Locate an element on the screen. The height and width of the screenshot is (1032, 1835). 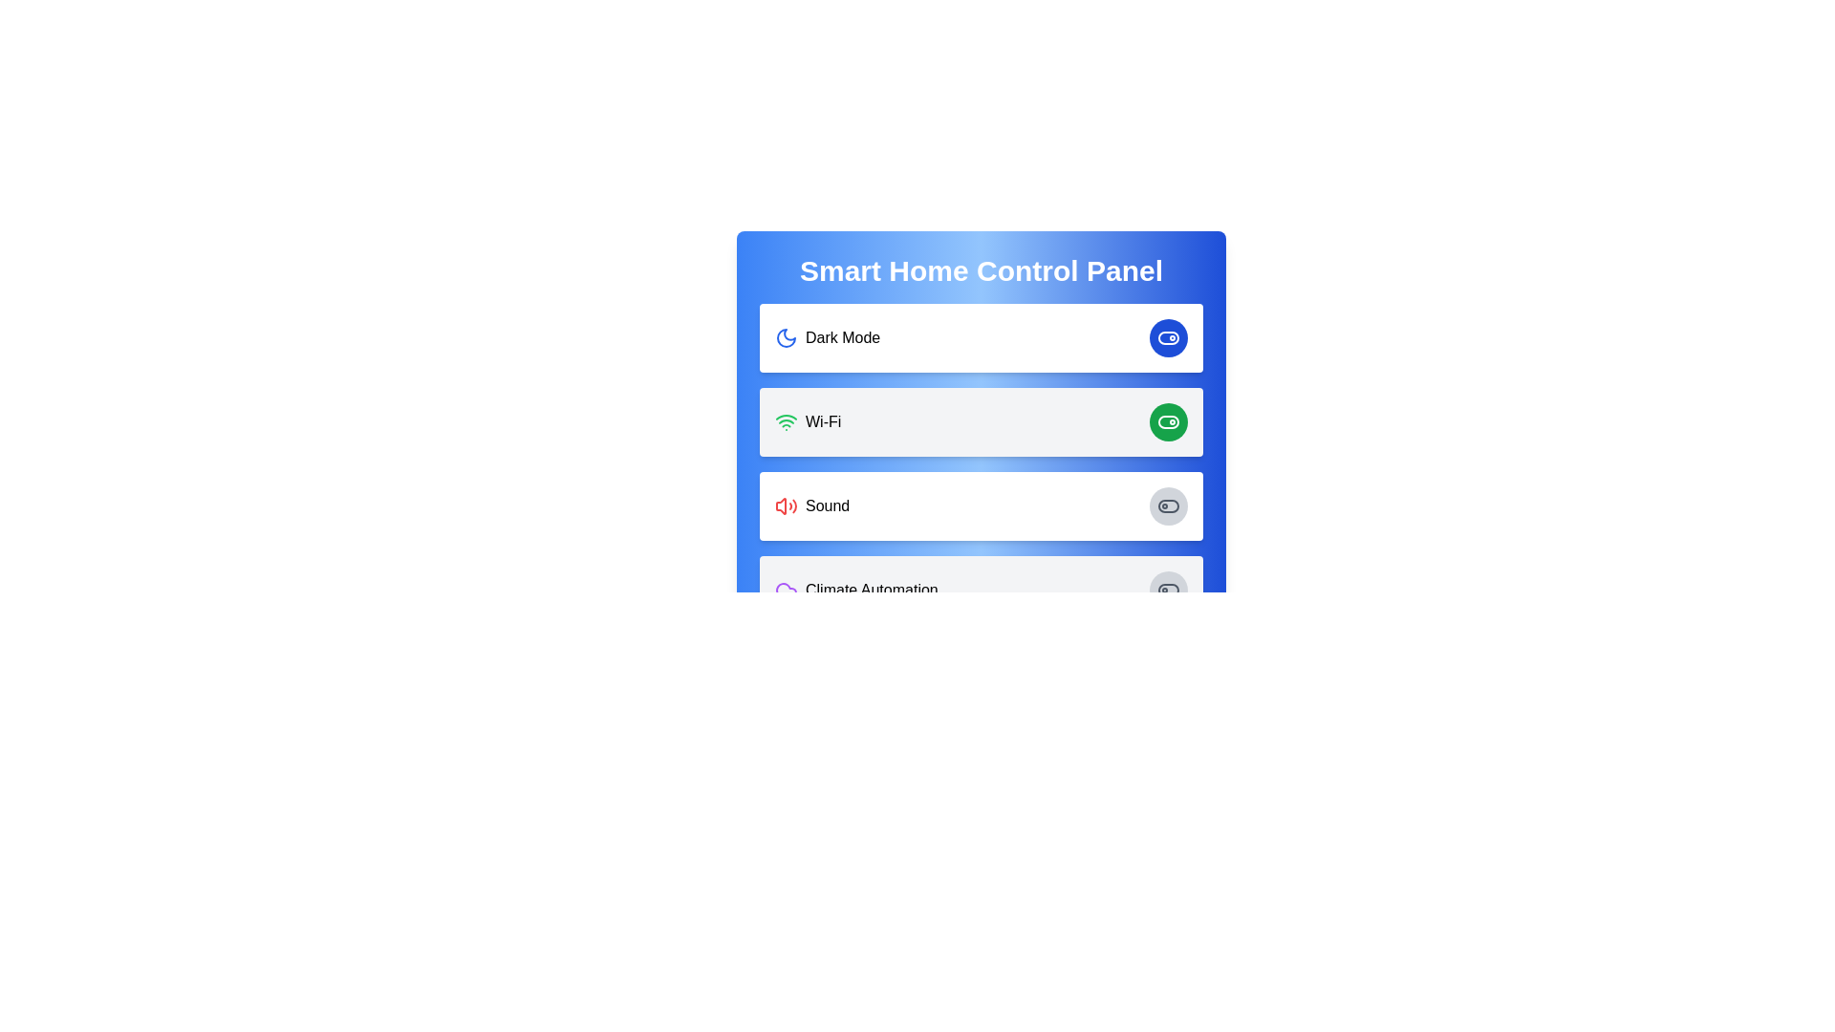
the background shape of the 'Dark Mode' toggle control, which is visually represented in its active state within the blue-colored toggle control at the top of the smart home control panel is located at coordinates (1168, 337).